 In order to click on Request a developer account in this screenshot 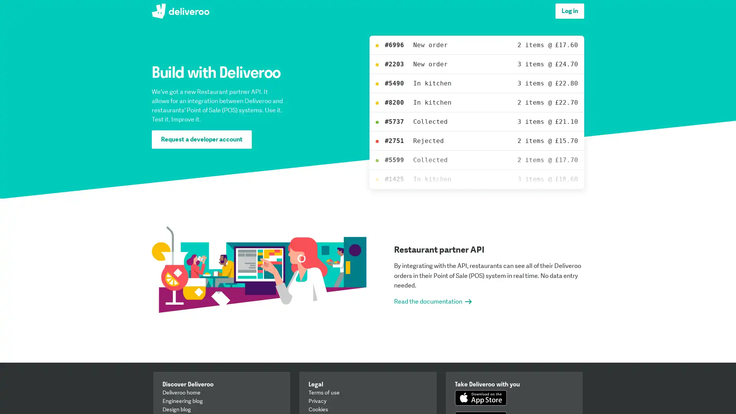, I will do `click(202, 139)`.